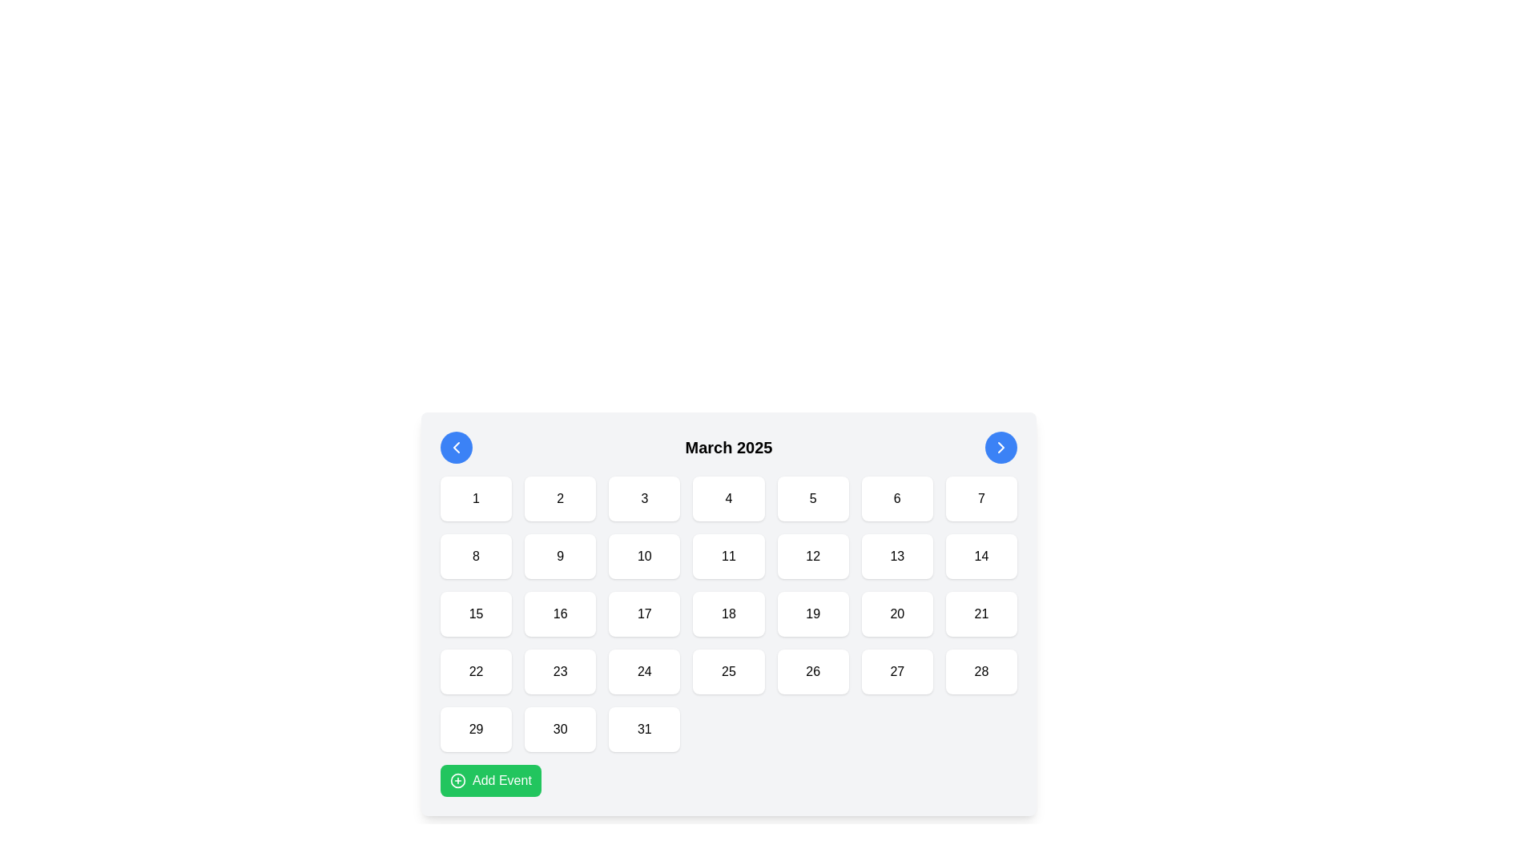 The width and height of the screenshot is (1538, 865). What do you see at coordinates (644, 555) in the screenshot?
I see `the calendar date button displaying the number '10'` at bounding box center [644, 555].